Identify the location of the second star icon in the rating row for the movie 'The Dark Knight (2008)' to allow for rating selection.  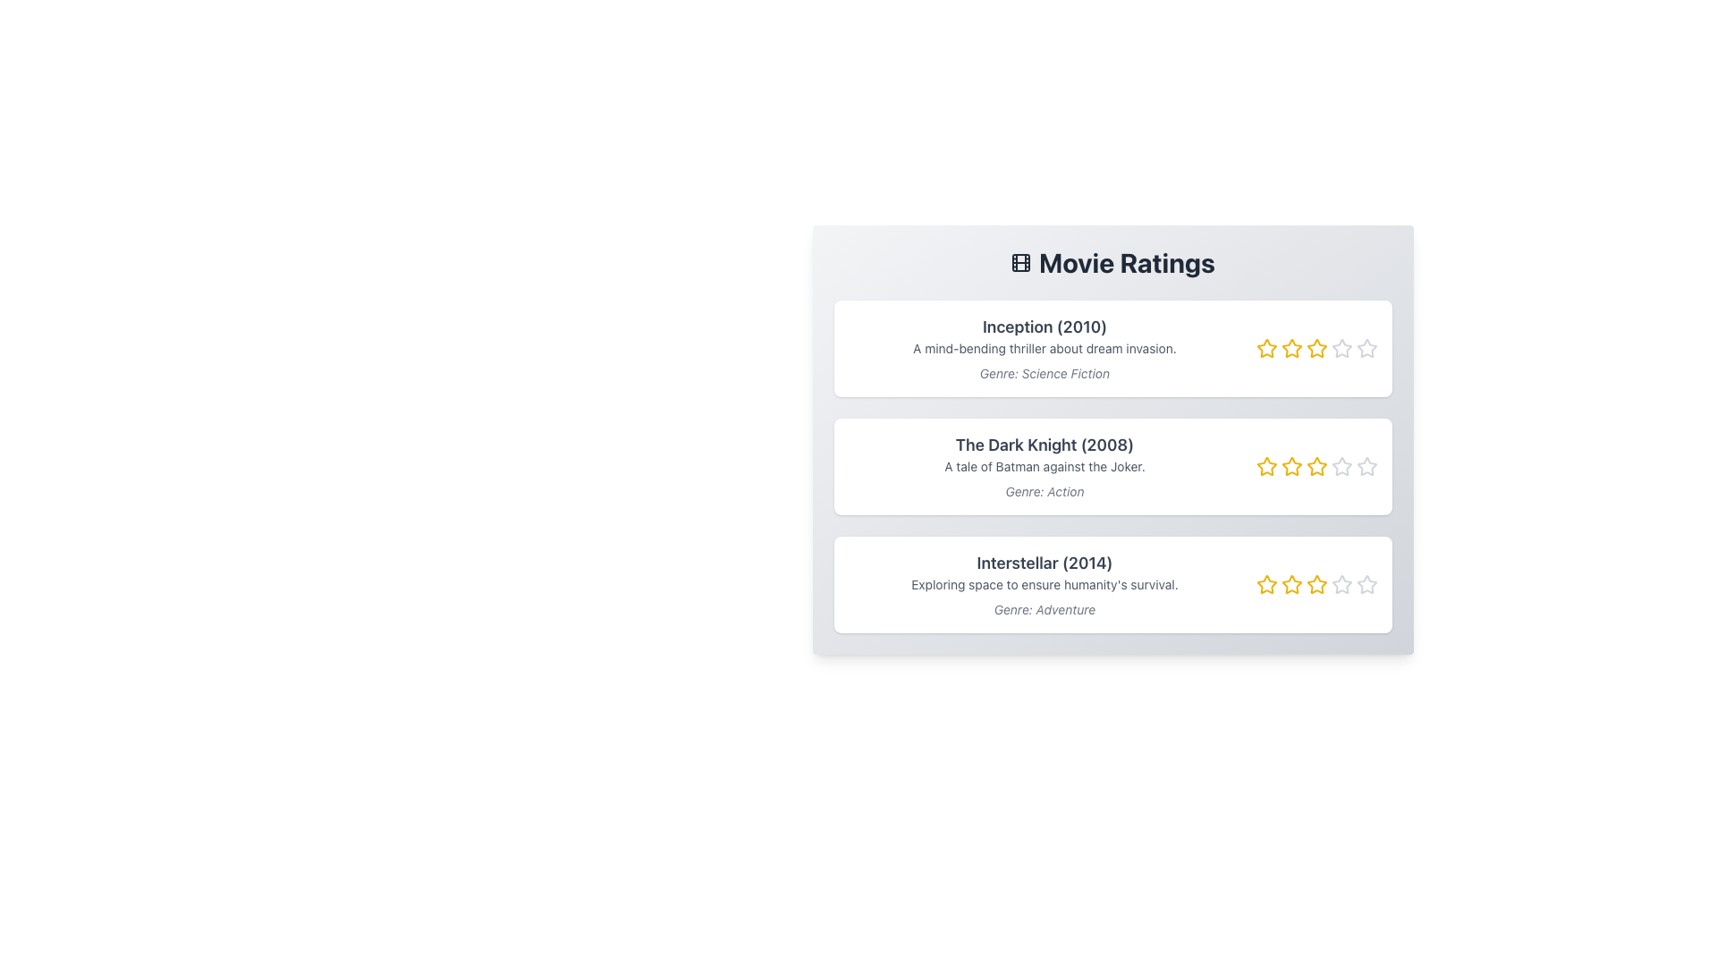
(1265, 465).